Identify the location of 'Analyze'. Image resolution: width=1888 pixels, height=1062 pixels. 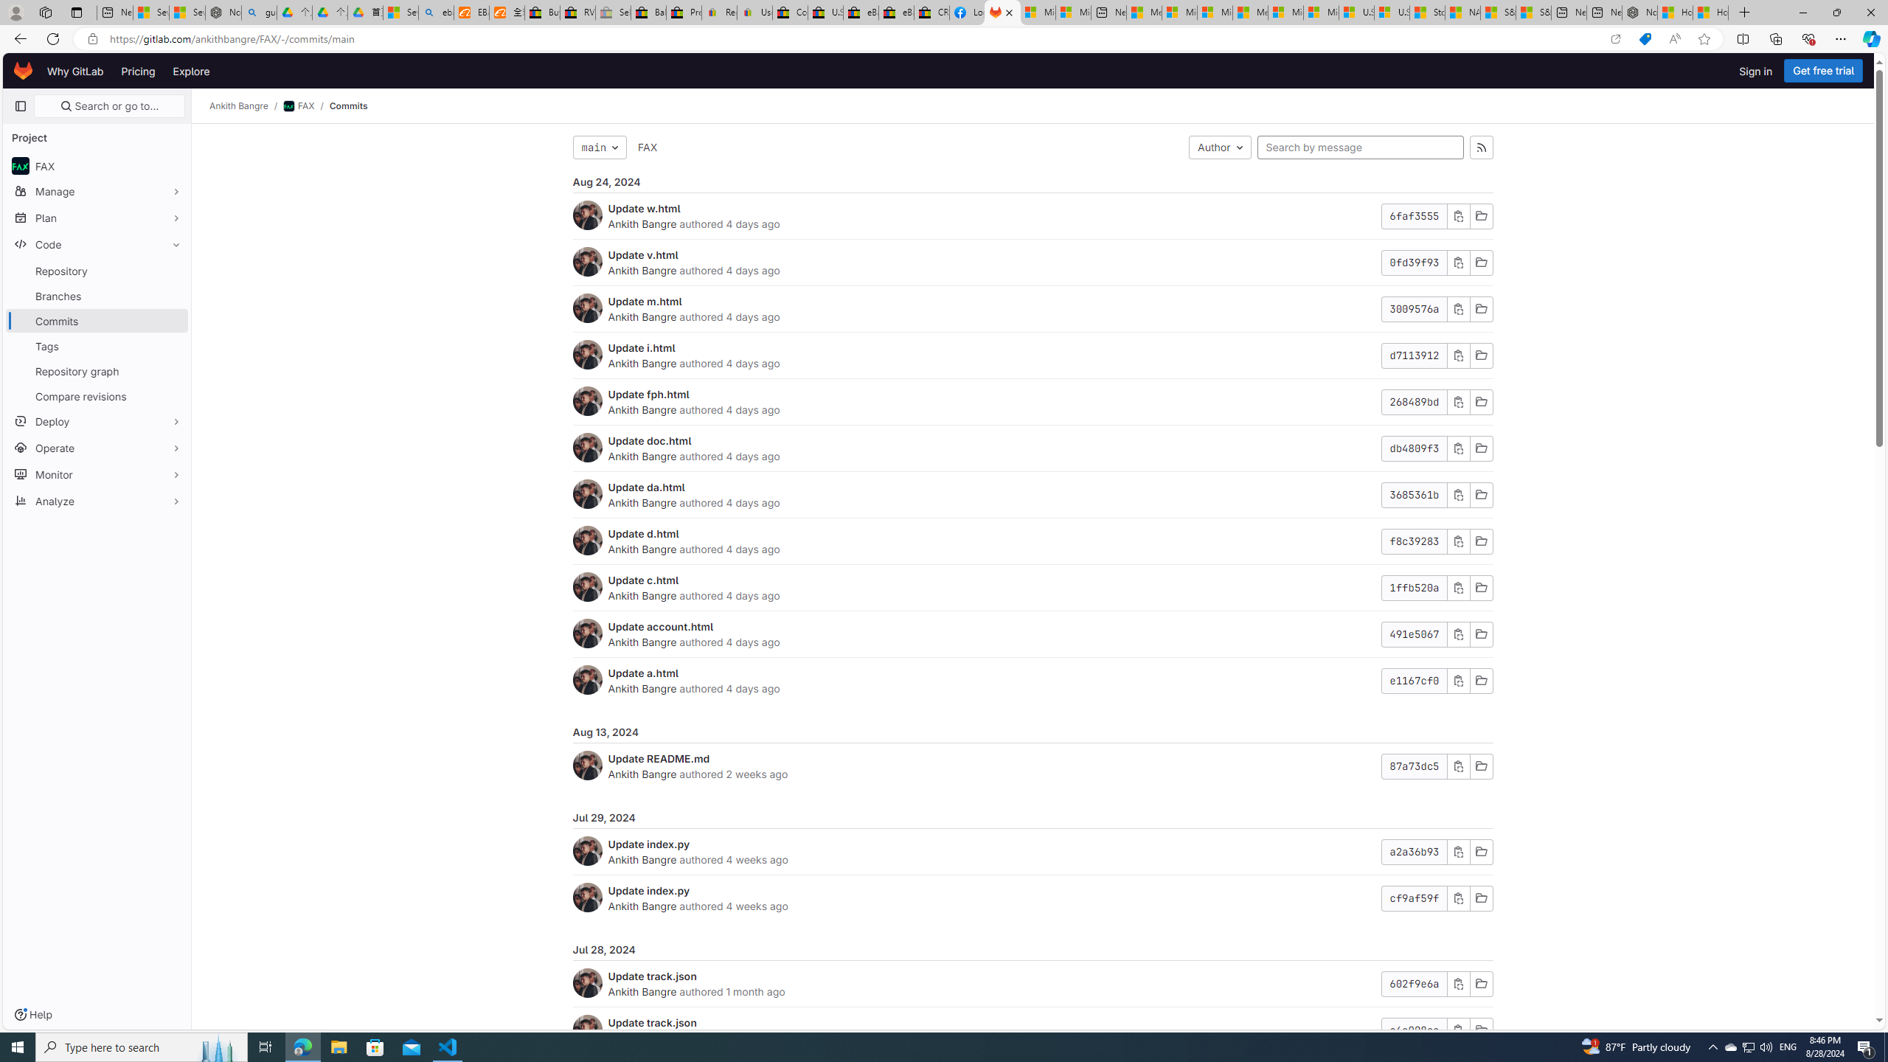
(96, 499).